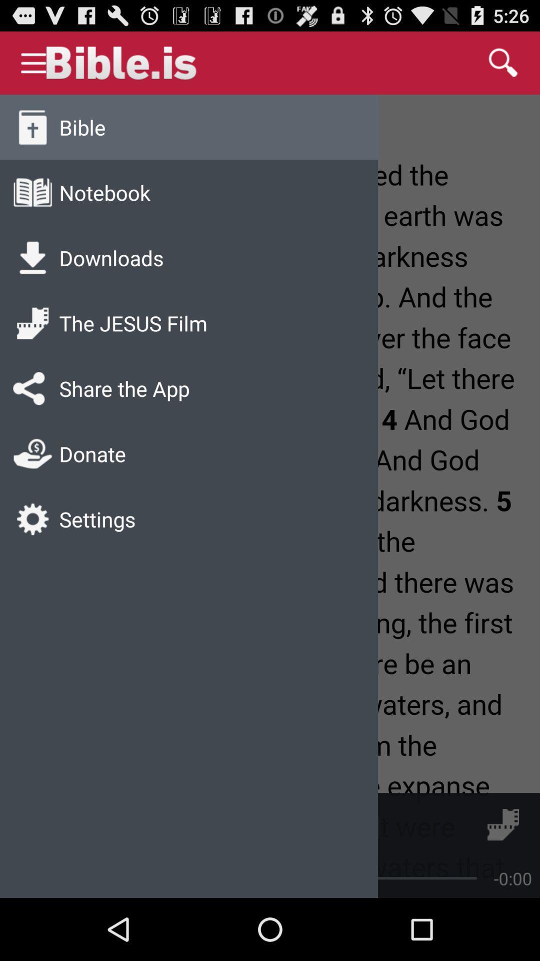 This screenshot has height=961, width=540. What do you see at coordinates (32, 127) in the screenshot?
I see `the bible icon` at bounding box center [32, 127].